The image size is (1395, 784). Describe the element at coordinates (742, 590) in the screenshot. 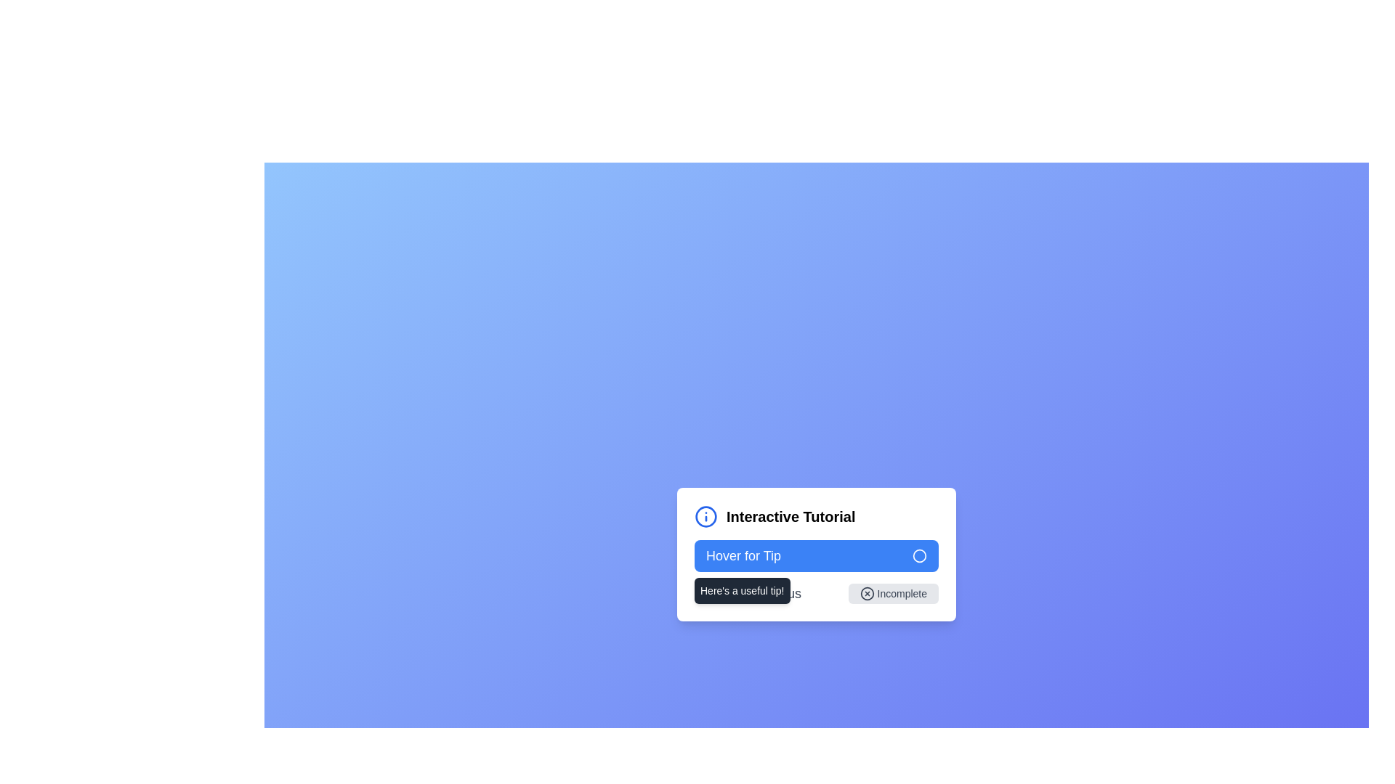

I see `the tooltip that appears beneath the 'Hover for Tip' button, providing additional information to the user` at that location.